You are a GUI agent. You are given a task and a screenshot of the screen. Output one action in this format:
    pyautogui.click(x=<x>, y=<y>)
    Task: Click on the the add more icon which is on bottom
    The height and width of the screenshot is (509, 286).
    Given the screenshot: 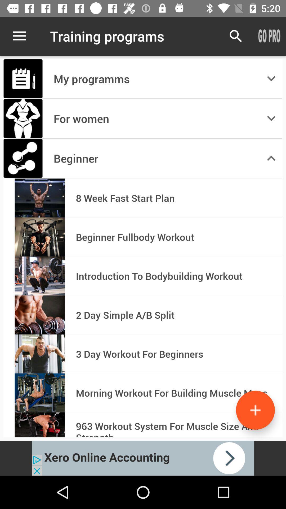 What is the action you would take?
    pyautogui.click(x=255, y=410)
    